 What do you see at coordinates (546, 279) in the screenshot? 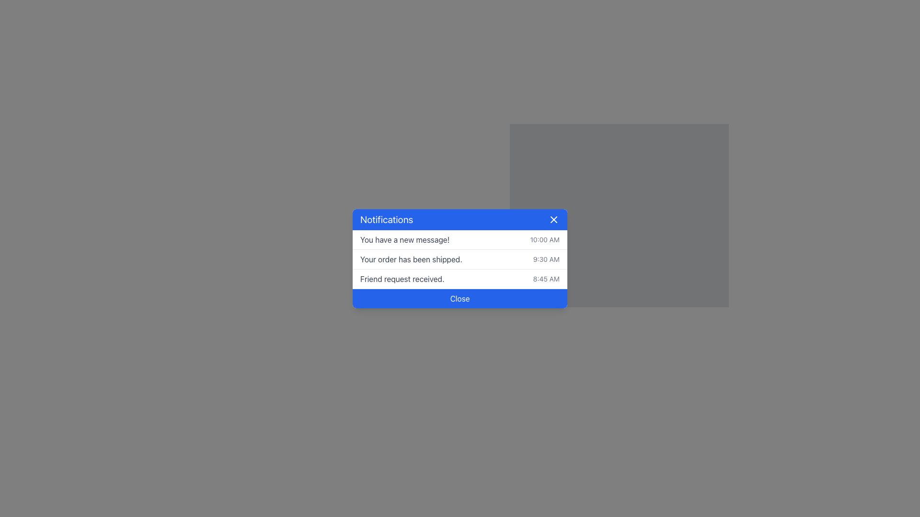
I see `text displayed on the Text Label showing '8:45 AM', which is aligned to the right in the third row of the notification box` at bounding box center [546, 279].